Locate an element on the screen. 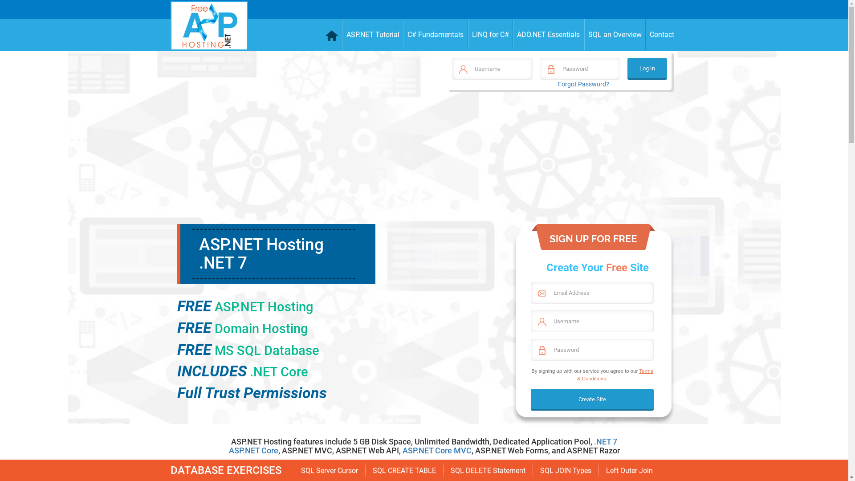 The image size is (855, 481). 'ASP.NET Tutorial' is located at coordinates (372, 34).